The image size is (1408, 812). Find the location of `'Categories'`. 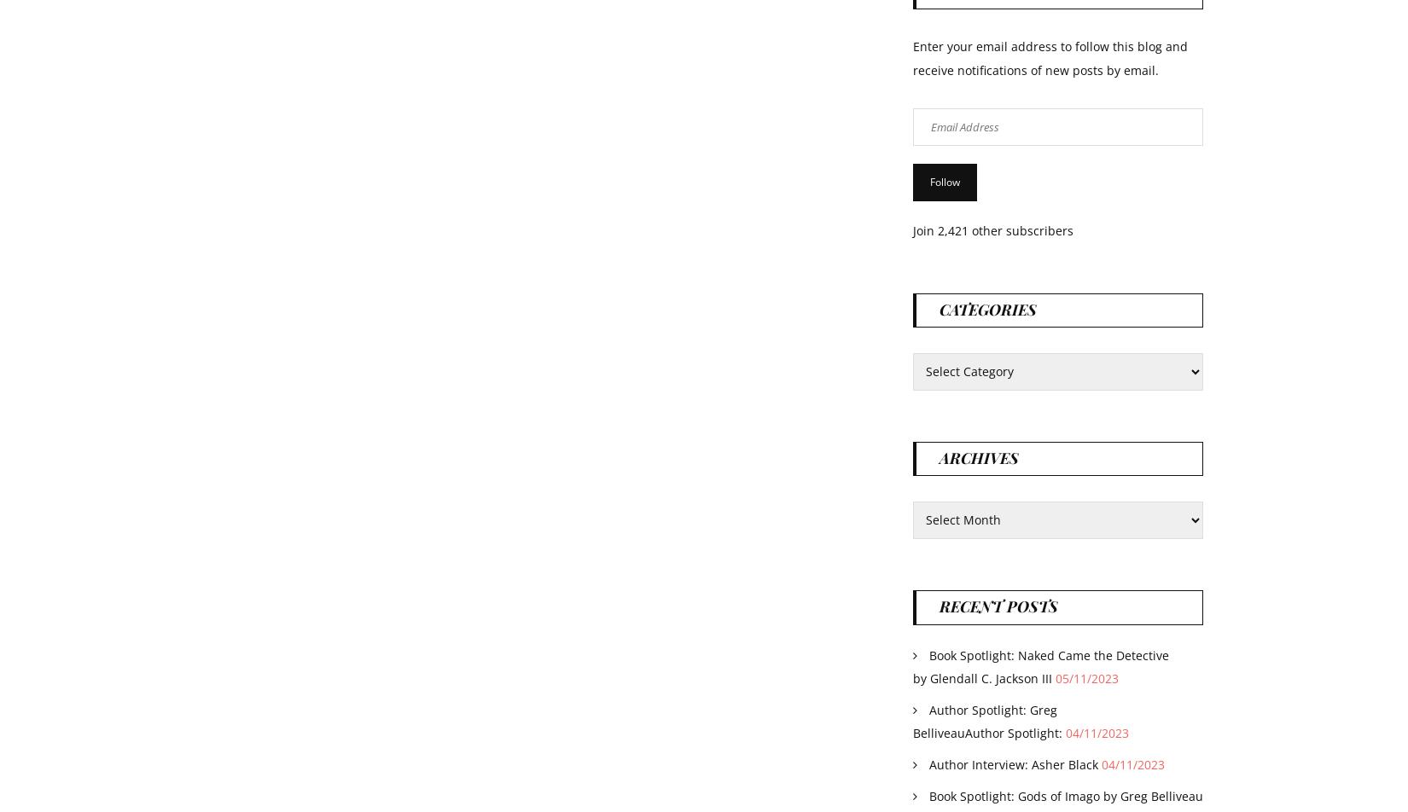

'Categories' is located at coordinates (940, 309).